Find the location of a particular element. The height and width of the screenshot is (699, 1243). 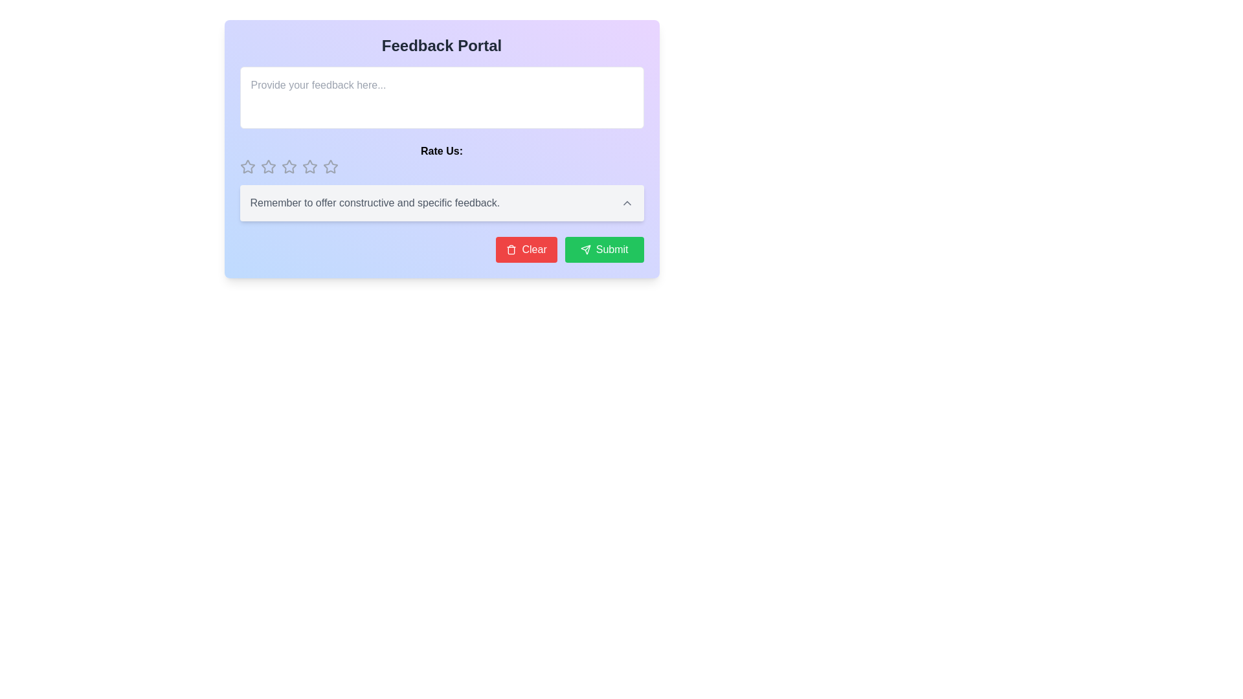

the second star icon in the five-star rating system located below the 'Rate Us' label within the feedback form UI is located at coordinates (288, 166).